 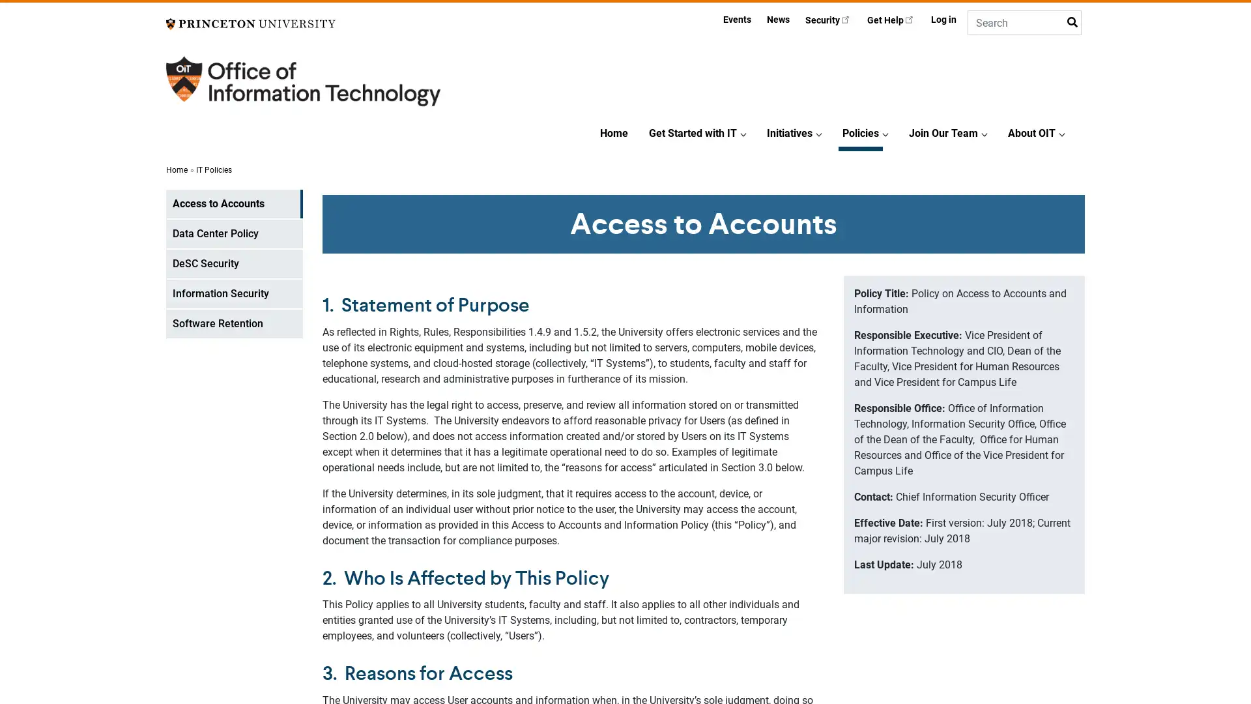 What do you see at coordinates (1062, 134) in the screenshot?
I see `About OITSubmenu` at bounding box center [1062, 134].